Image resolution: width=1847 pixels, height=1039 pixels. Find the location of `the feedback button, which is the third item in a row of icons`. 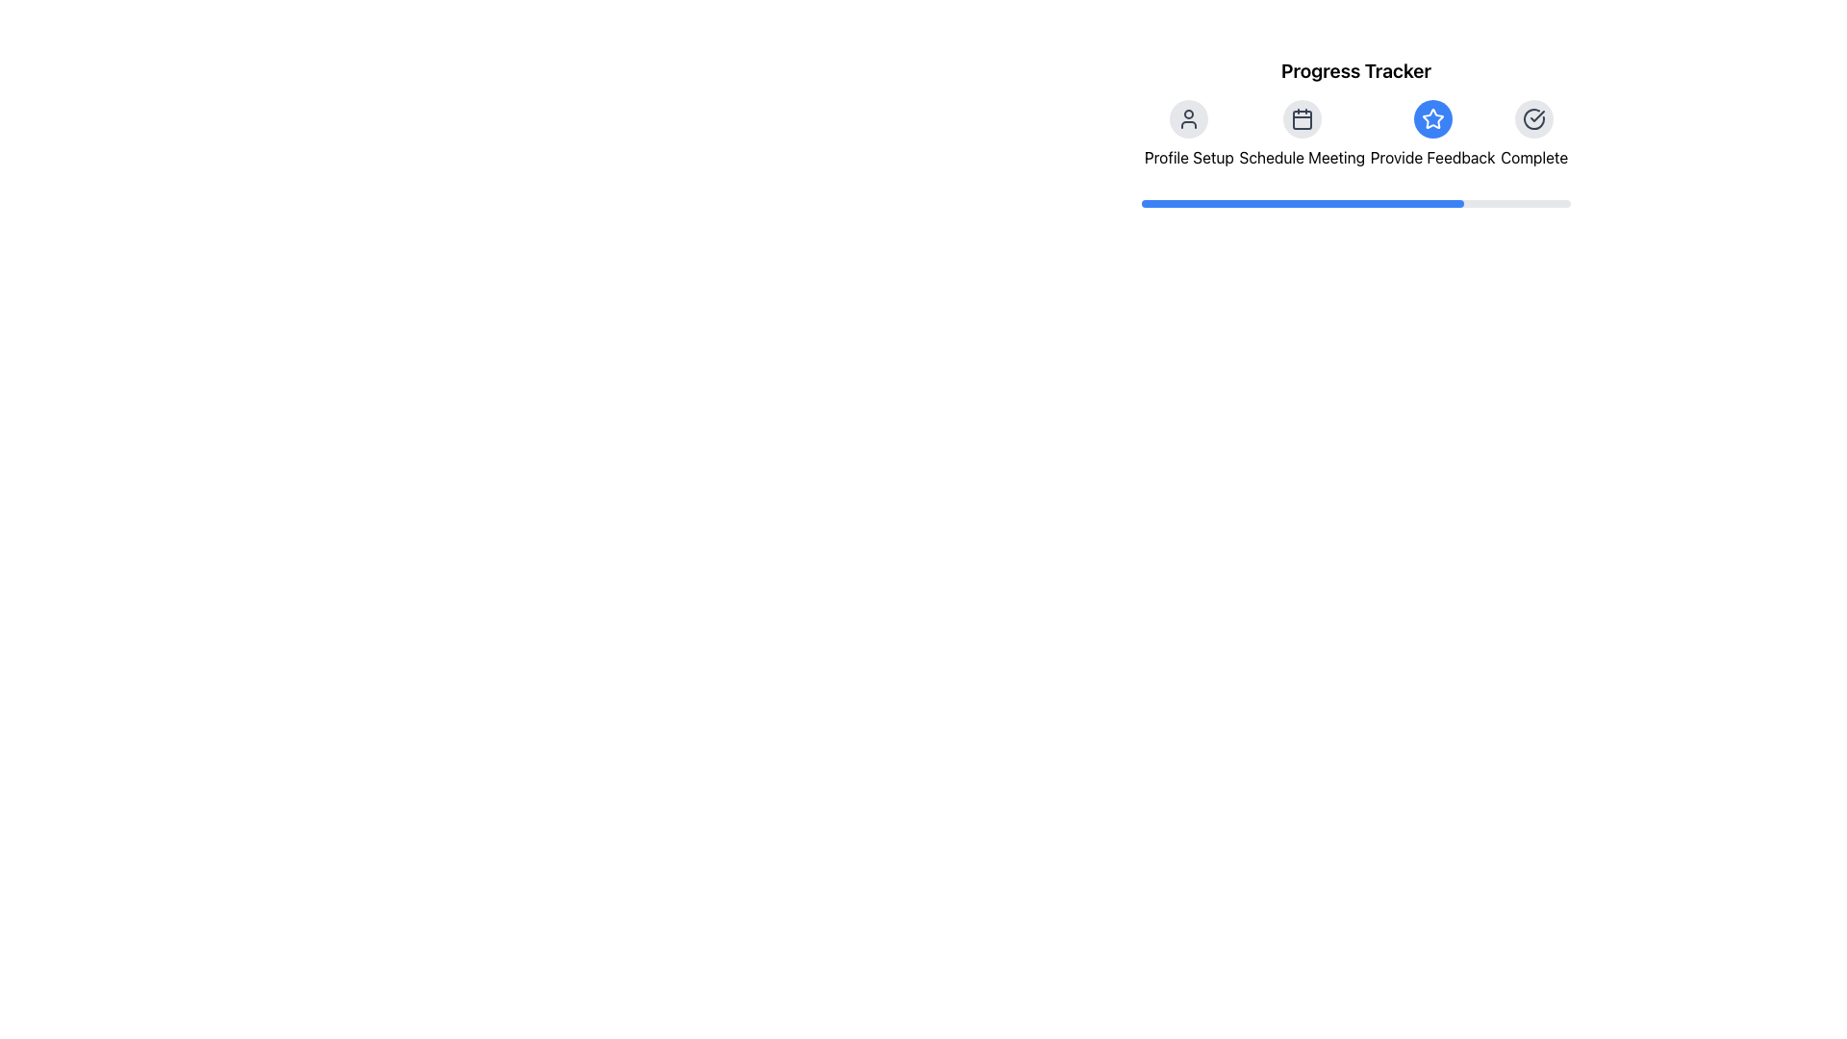

the feedback button, which is the third item in a row of icons is located at coordinates (1432, 133).